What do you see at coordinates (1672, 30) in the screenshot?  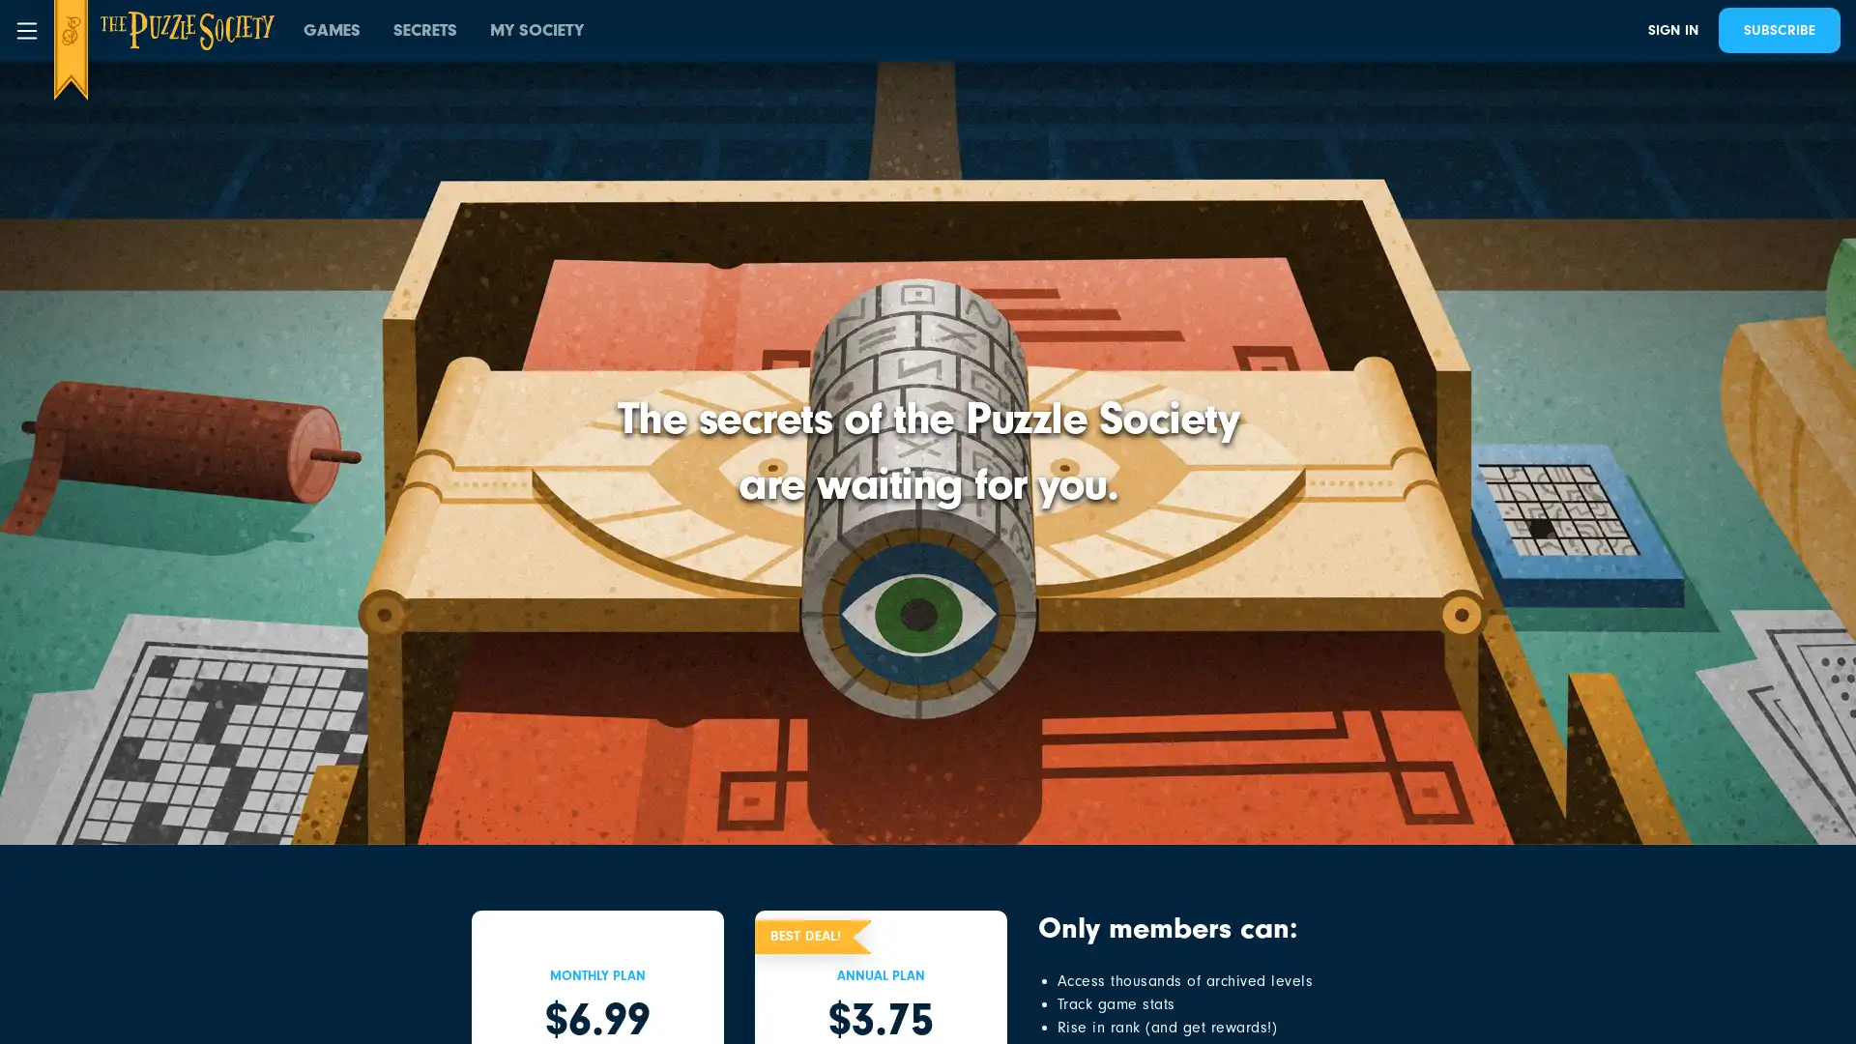 I see `SIGN IN` at bounding box center [1672, 30].